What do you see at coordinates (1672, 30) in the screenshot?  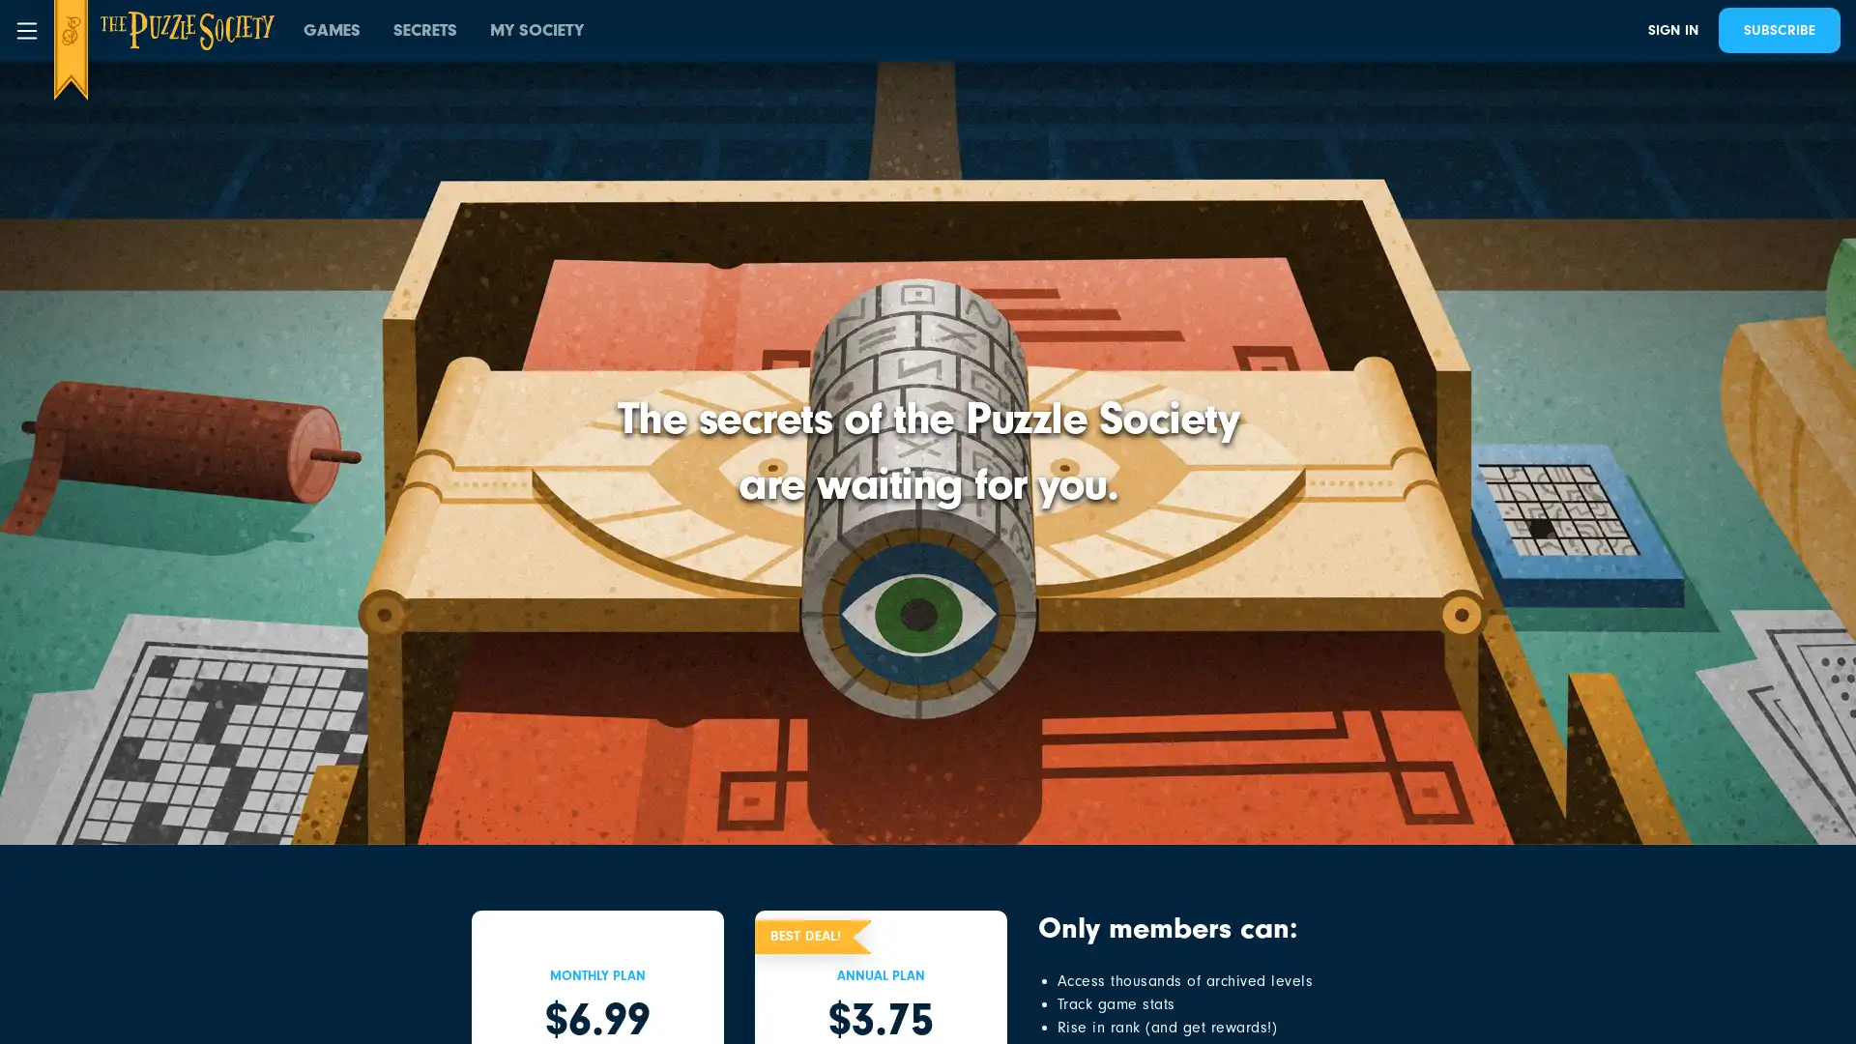 I see `SIGN IN` at bounding box center [1672, 30].